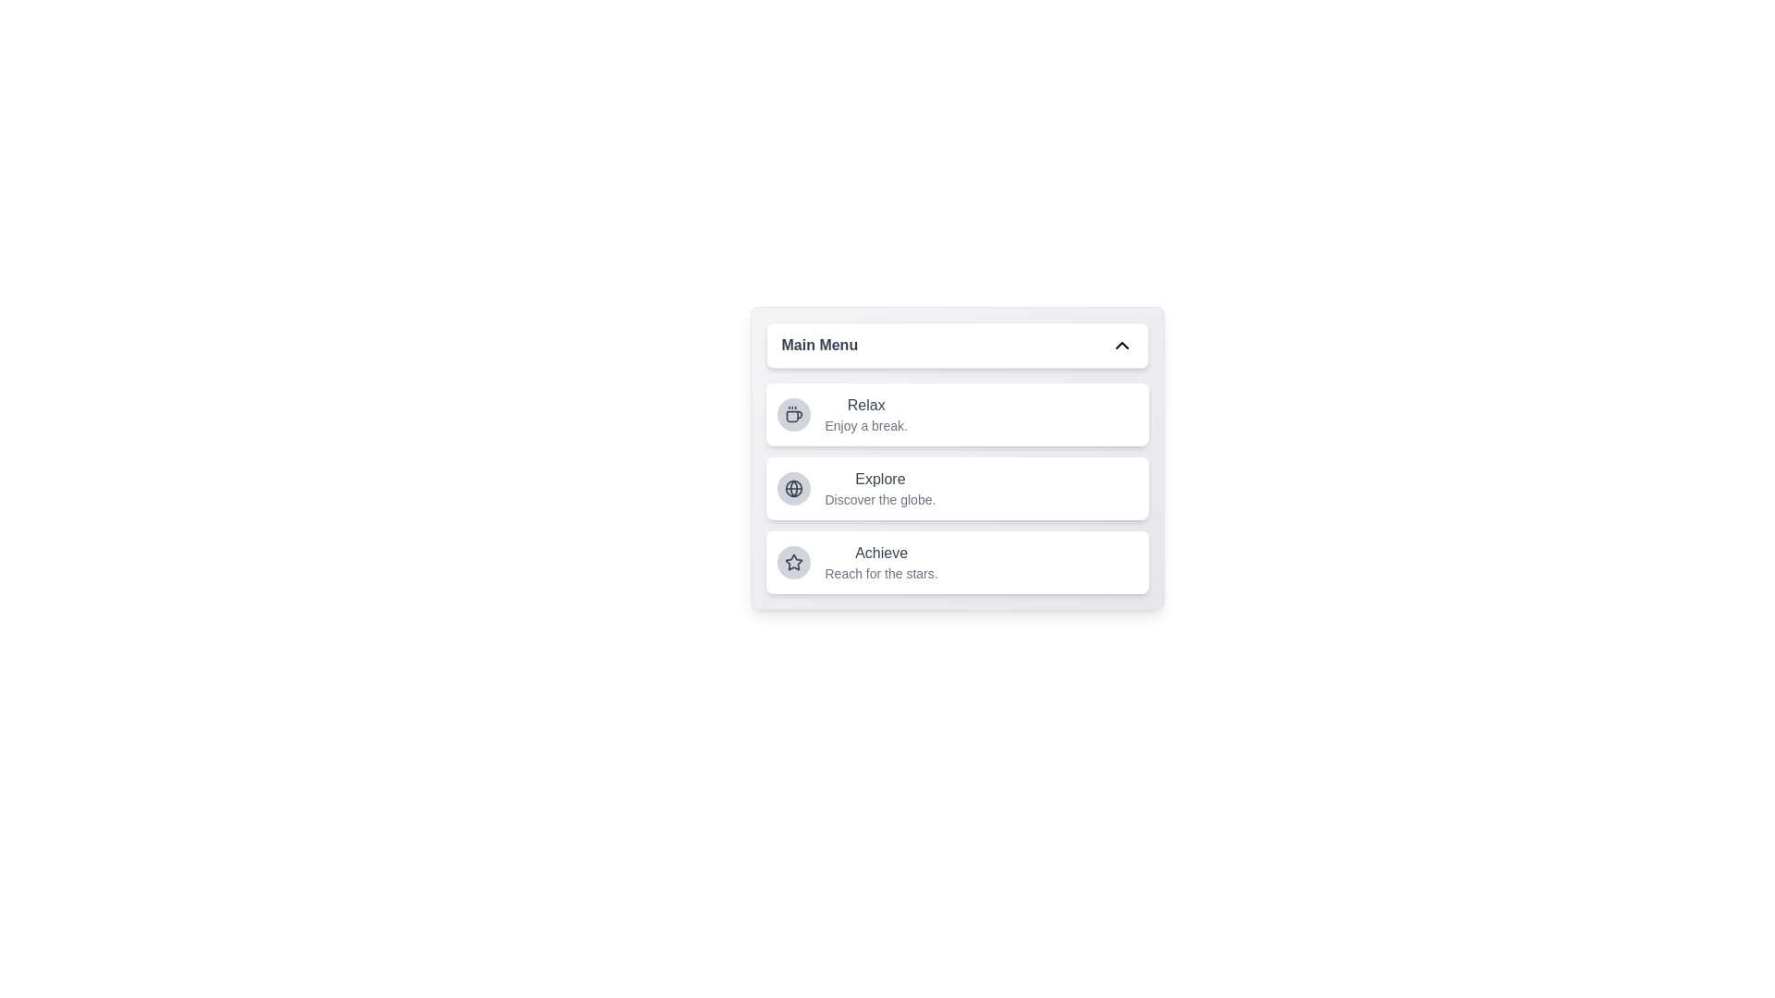 The height and width of the screenshot is (998, 1775). What do you see at coordinates (957, 413) in the screenshot?
I see `the menu item corresponding to Relax` at bounding box center [957, 413].